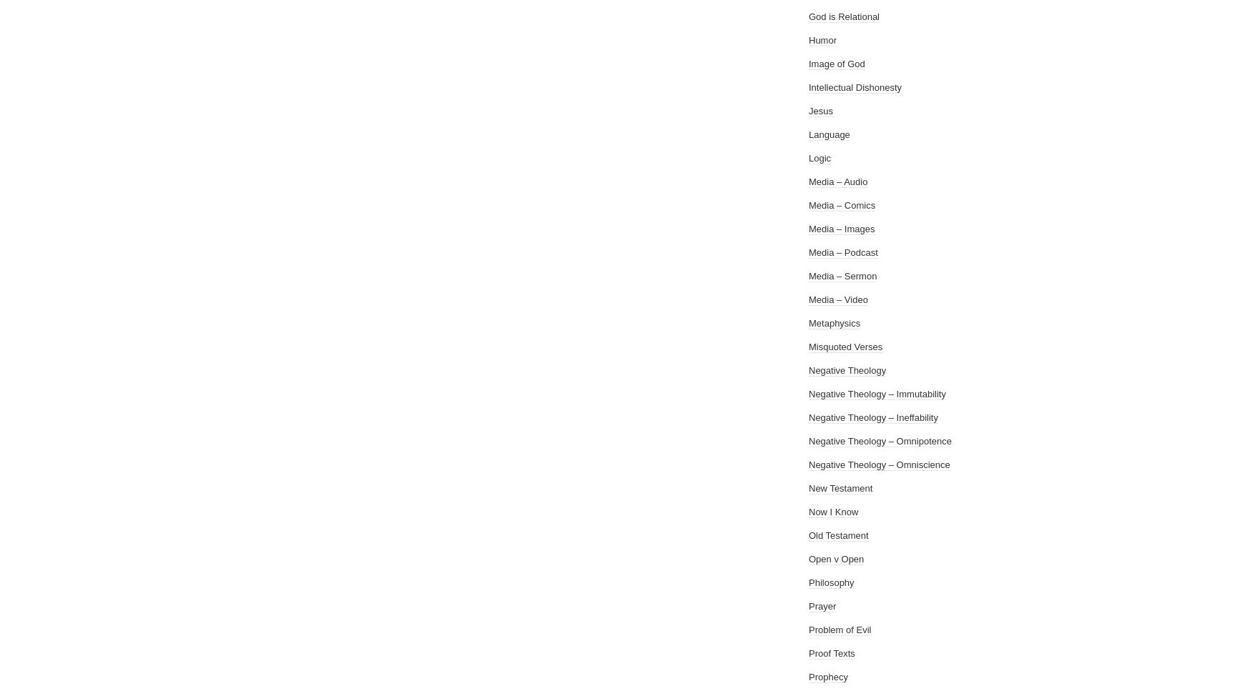 The image size is (1260, 696). I want to click on 'Misquoted Verses', so click(845, 346).